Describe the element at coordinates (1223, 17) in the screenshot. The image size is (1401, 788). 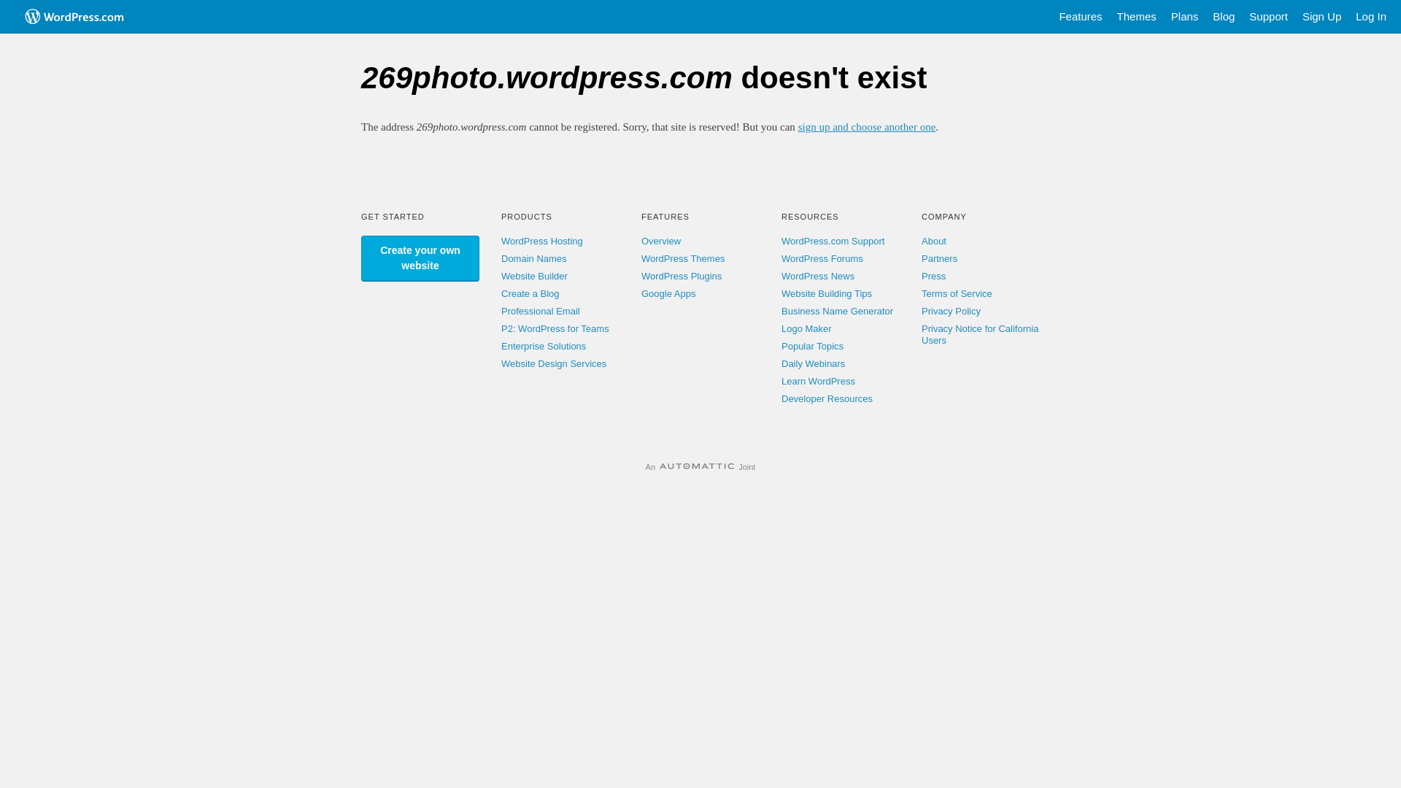
I see `'Blog'` at that location.